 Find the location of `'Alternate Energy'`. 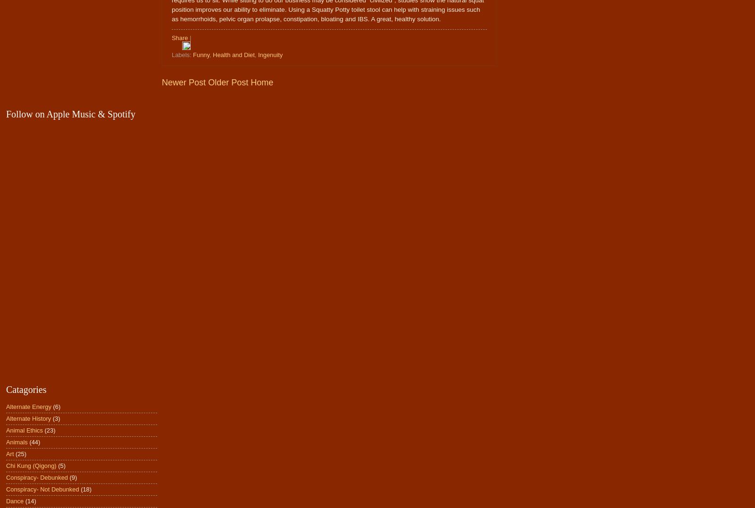

'Alternate Energy' is located at coordinates (28, 406).